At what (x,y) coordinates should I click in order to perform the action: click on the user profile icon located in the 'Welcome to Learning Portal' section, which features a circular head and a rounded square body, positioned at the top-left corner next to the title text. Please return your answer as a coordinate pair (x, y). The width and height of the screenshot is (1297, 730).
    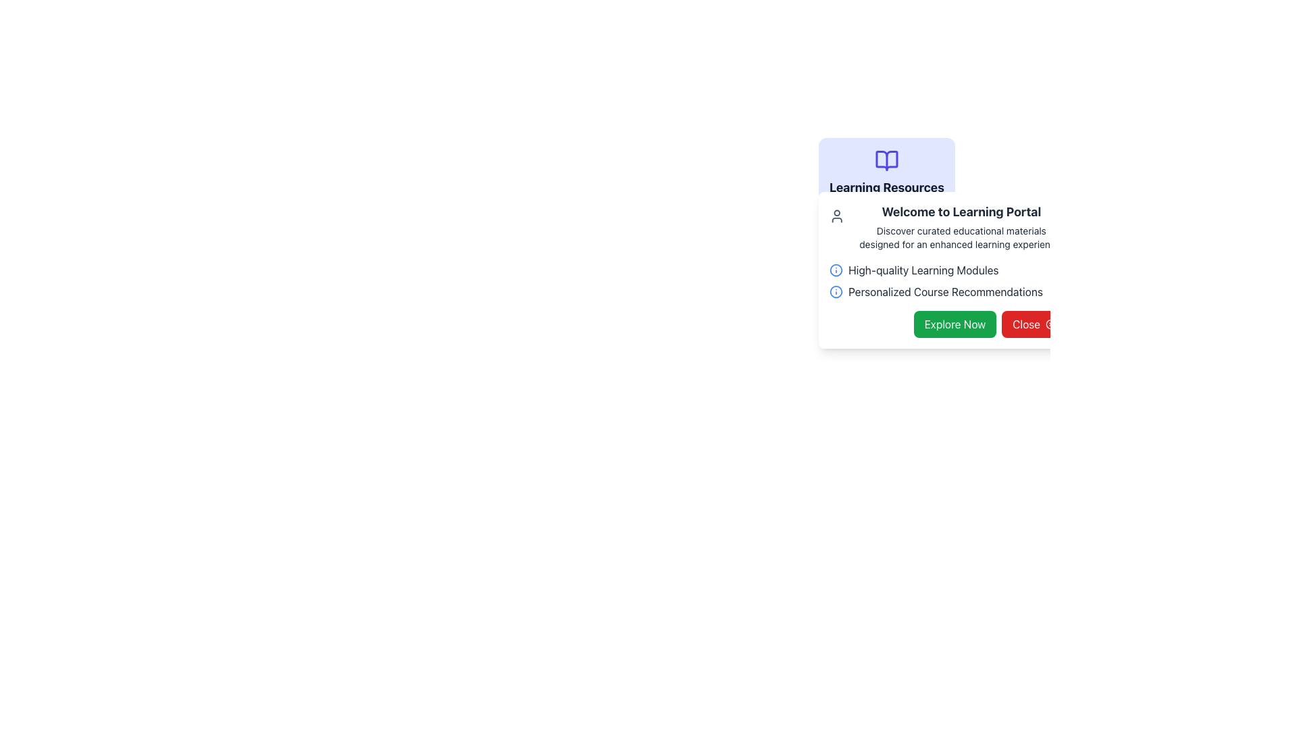
    Looking at the image, I should click on (836, 216).